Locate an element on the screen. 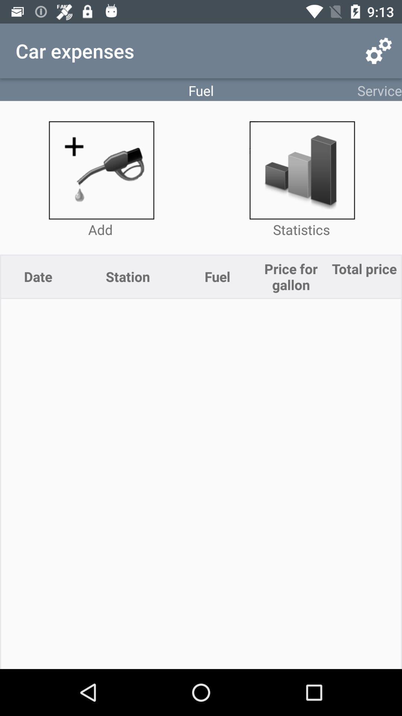 This screenshot has height=716, width=402. add is located at coordinates (100, 170).